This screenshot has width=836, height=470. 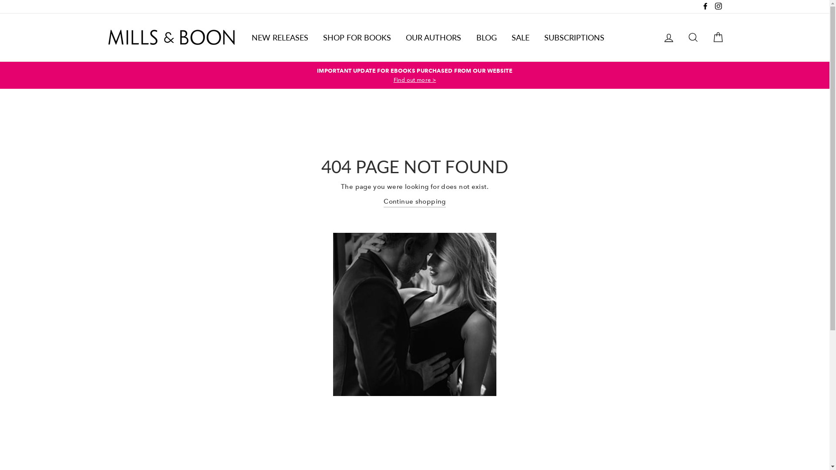 I want to click on 'Continue shopping', so click(x=383, y=201).